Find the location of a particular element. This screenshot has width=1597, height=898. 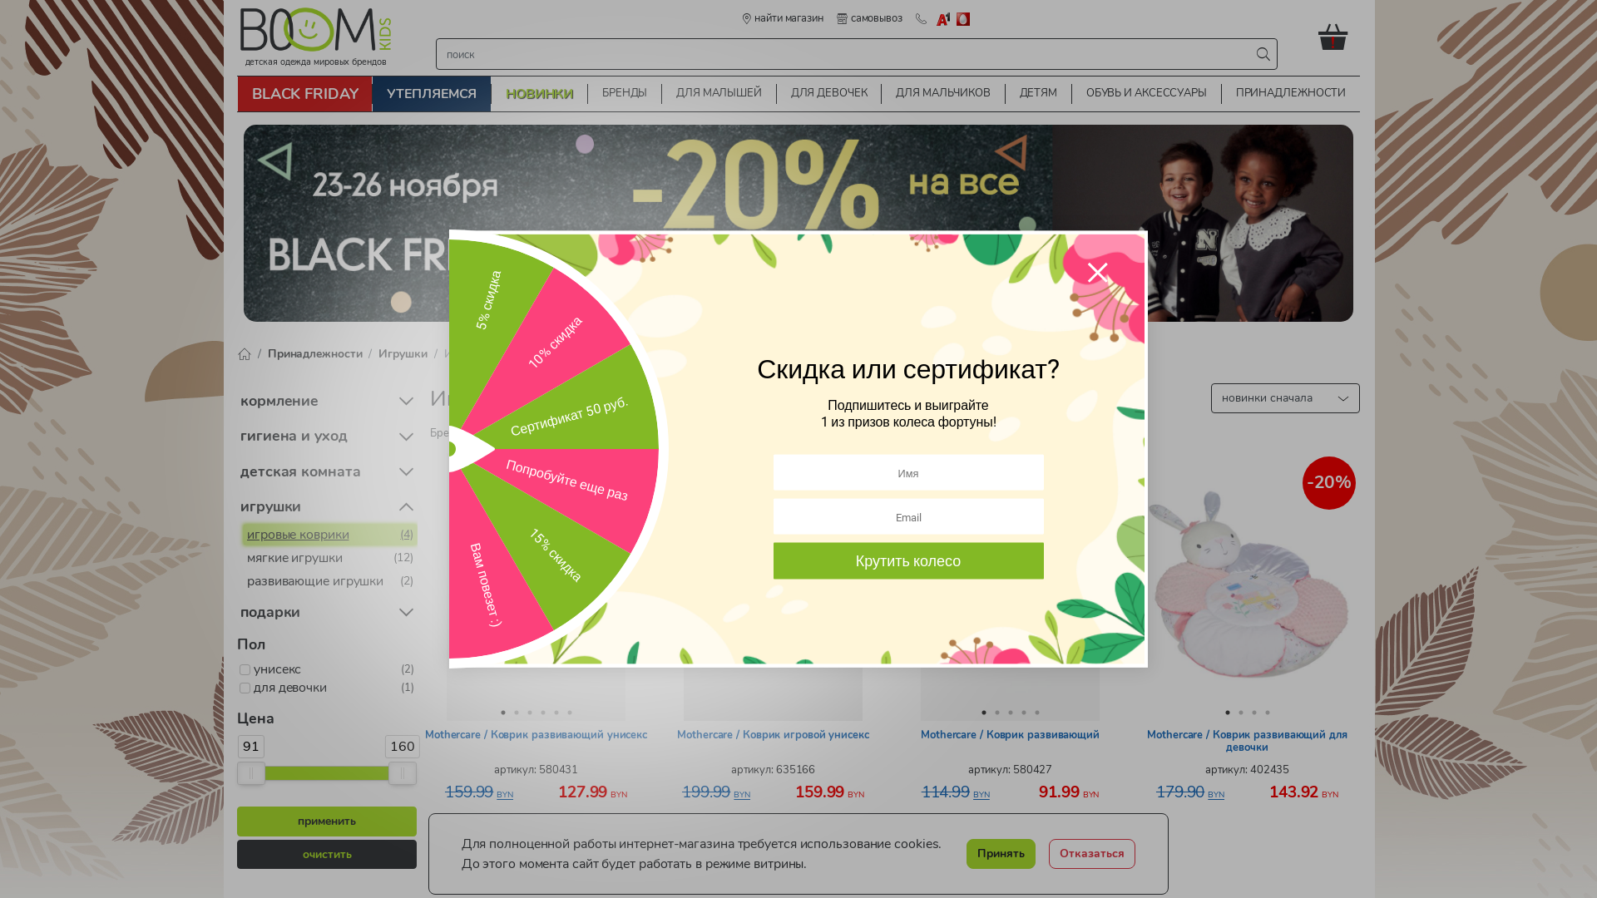

'1' is located at coordinates (1228, 711).